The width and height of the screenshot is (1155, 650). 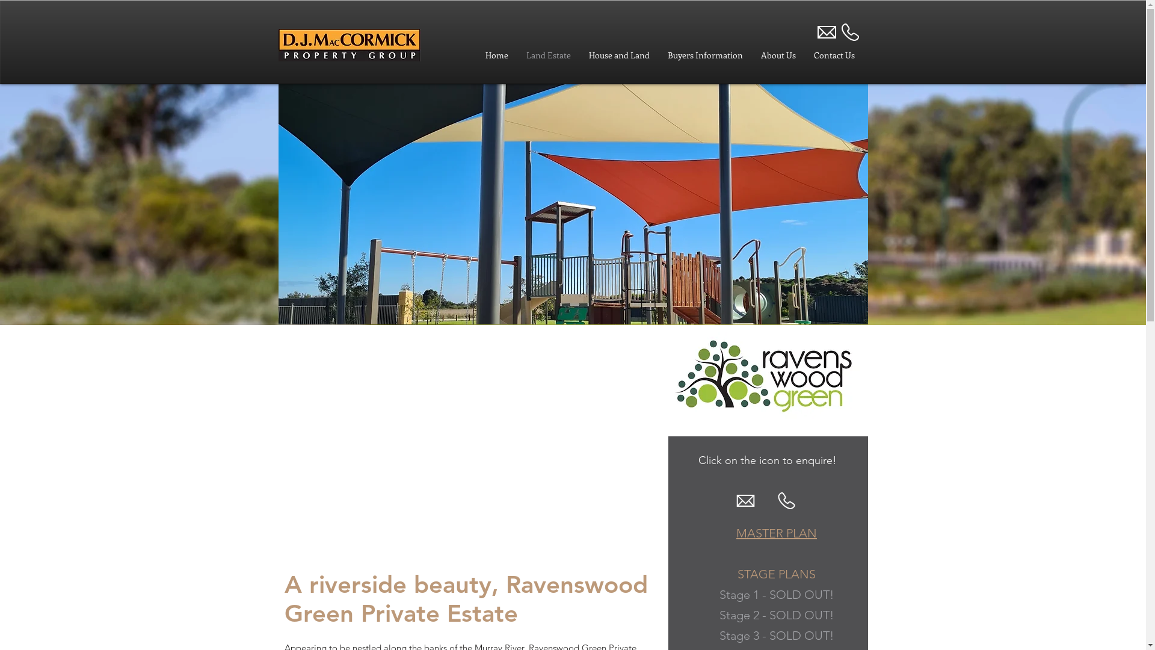 I want to click on 'Stage 1 - SOLD OUT!', so click(x=777, y=593).